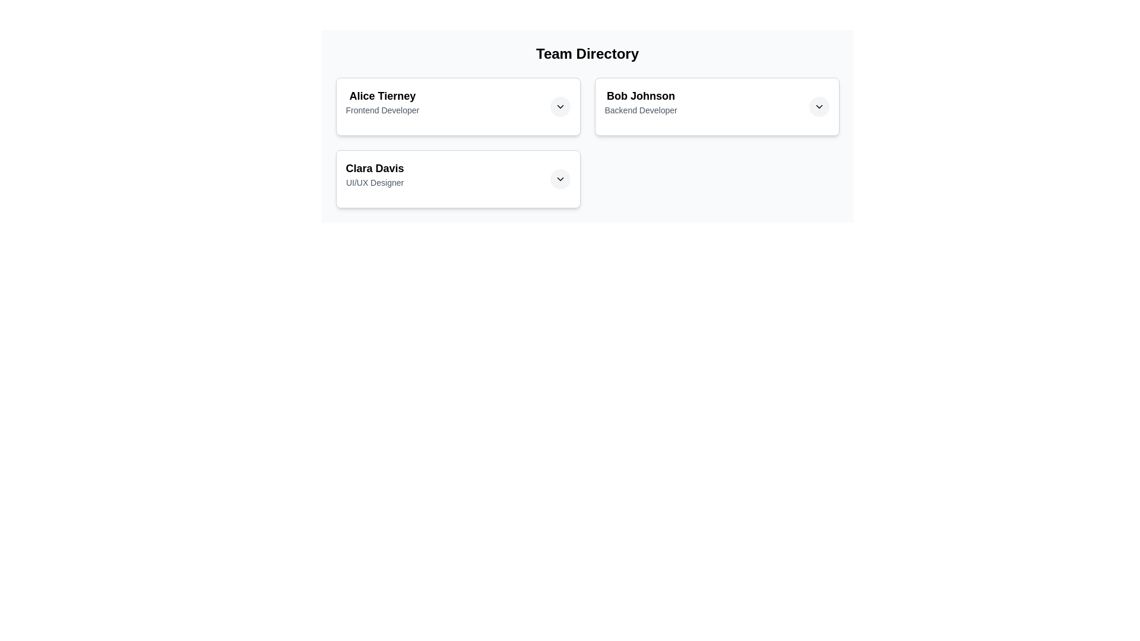 Image resolution: width=1140 pixels, height=641 pixels. What do you see at coordinates (374, 169) in the screenshot?
I see `text label displaying the name of a user or team member located at the upper portion of the card, above the text 'UI/UX Designer'` at bounding box center [374, 169].